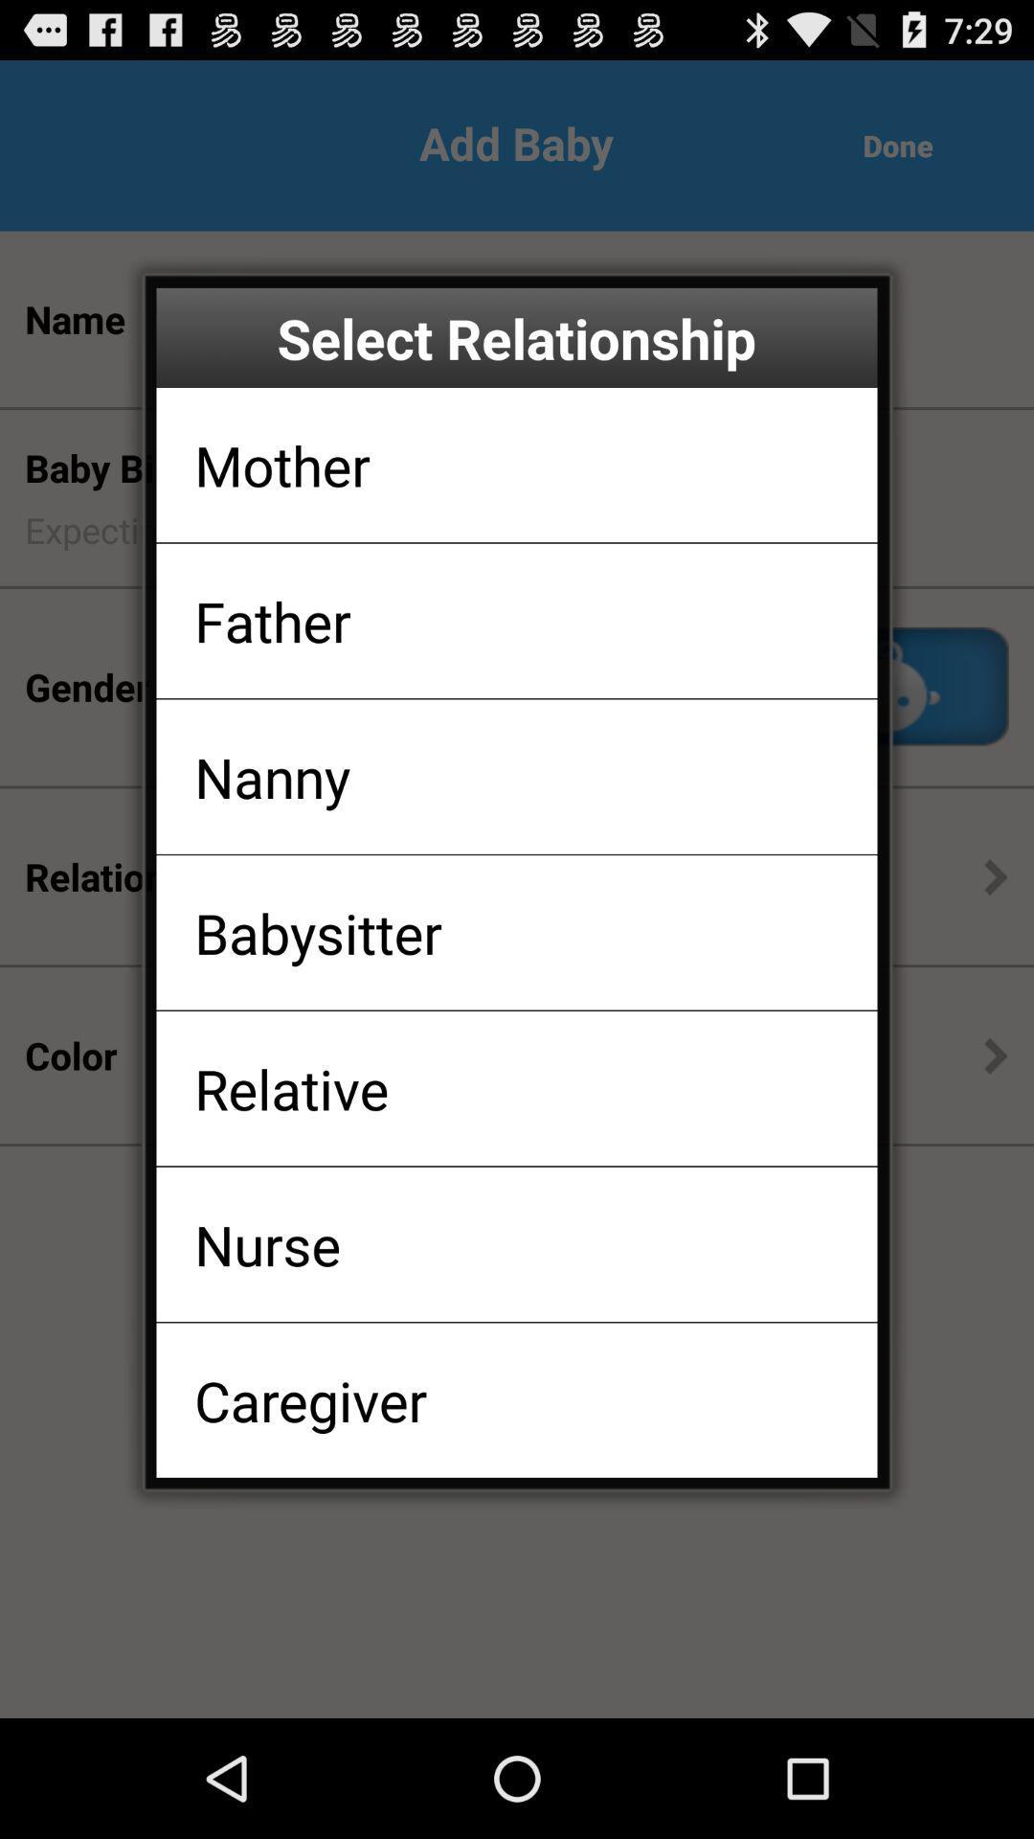 This screenshot has width=1034, height=1839. Describe the element at coordinates (309, 1400) in the screenshot. I see `caregiver` at that location.